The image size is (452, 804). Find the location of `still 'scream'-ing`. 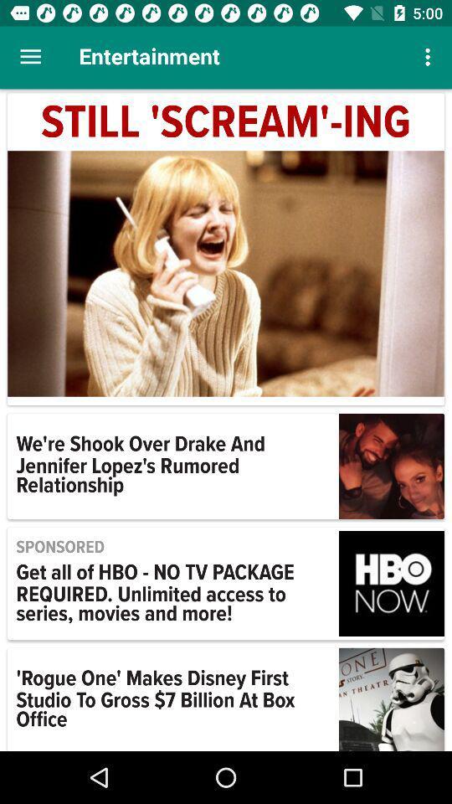

still 'scream'-ing is located at coordinates (226, 122).